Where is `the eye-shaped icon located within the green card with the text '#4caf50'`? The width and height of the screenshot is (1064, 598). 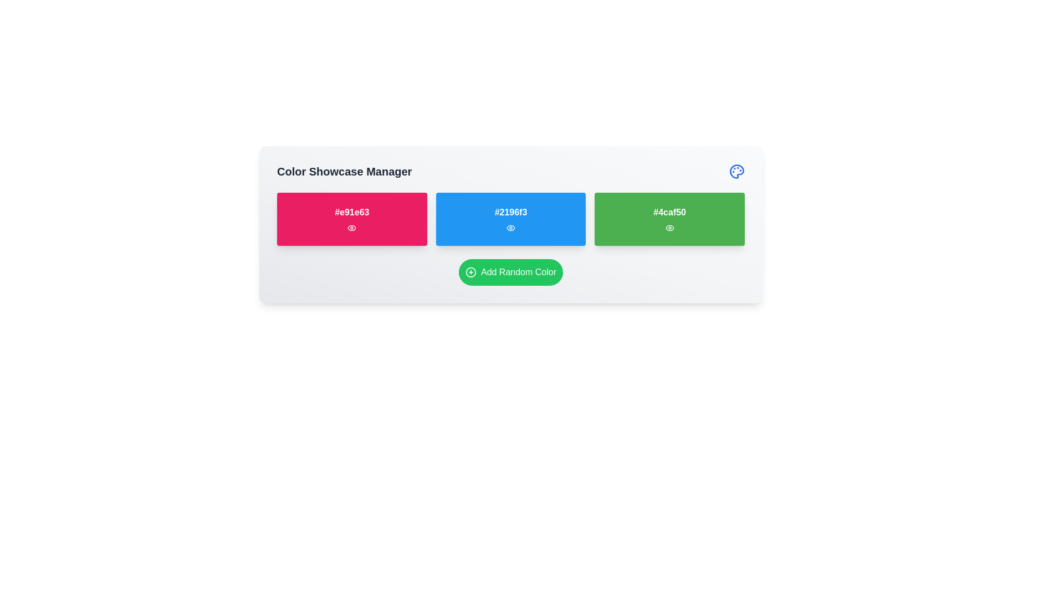 the eye-shaped icon located within the green card with the text '#4caf50' is located at coordinates (669, 228).